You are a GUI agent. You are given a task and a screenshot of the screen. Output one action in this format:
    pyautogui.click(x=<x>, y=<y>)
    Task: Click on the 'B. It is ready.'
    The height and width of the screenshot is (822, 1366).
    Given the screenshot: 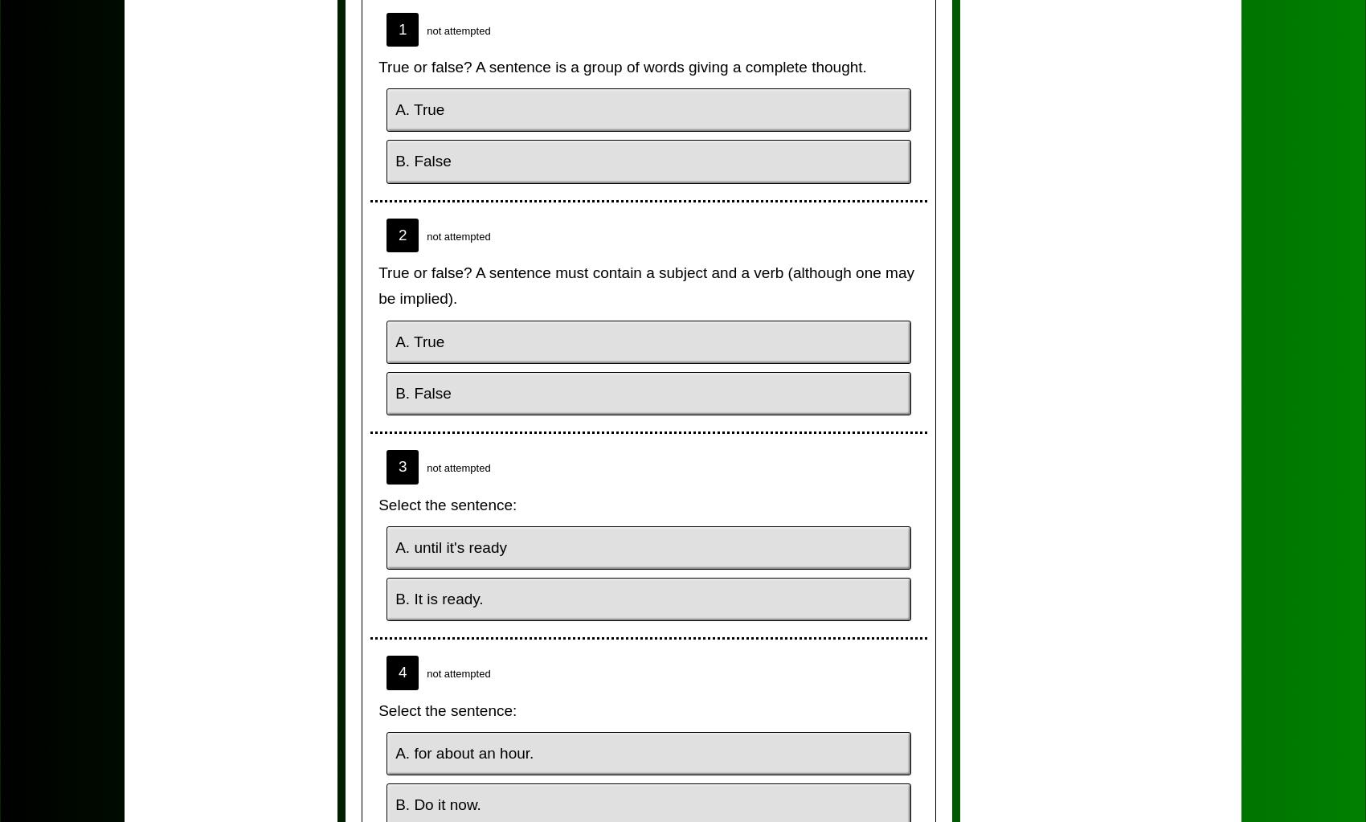 What is the action you would take?
    pyautogui.click(x=438, y=599)
    